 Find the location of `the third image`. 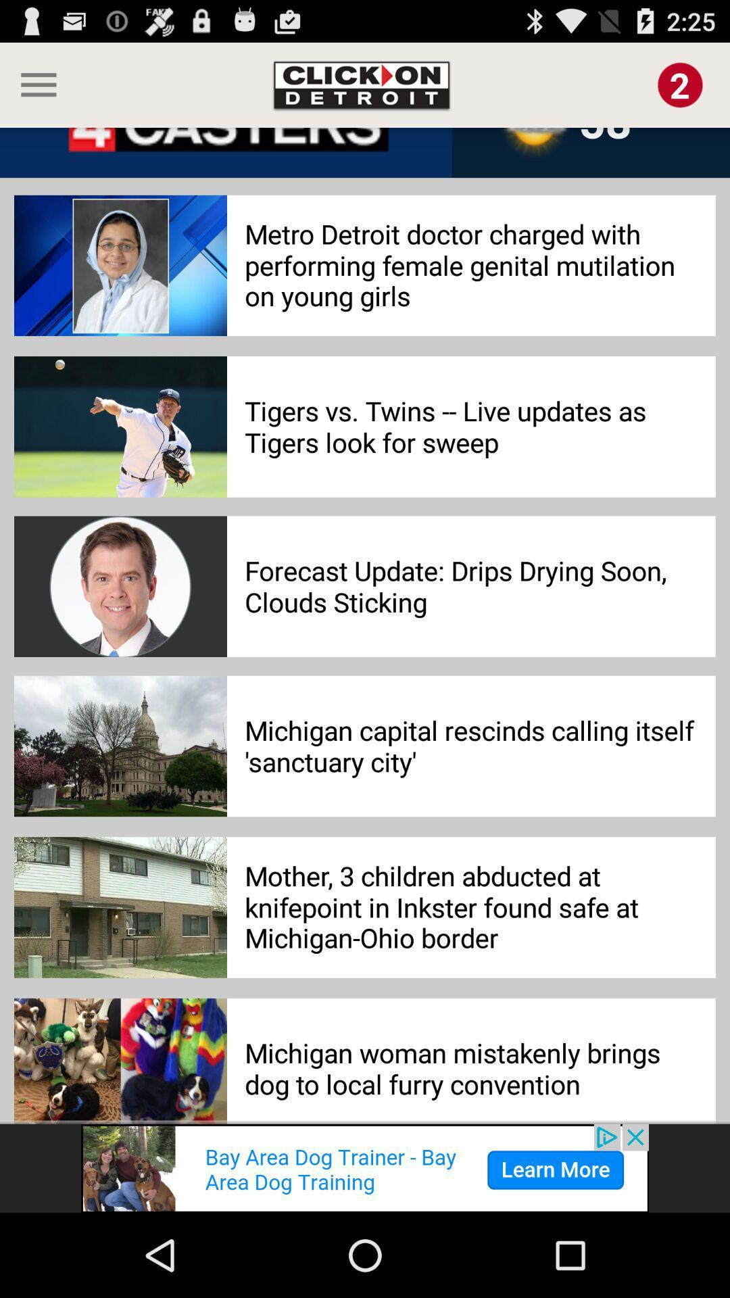

the third image is located at coordinates (120, 587).